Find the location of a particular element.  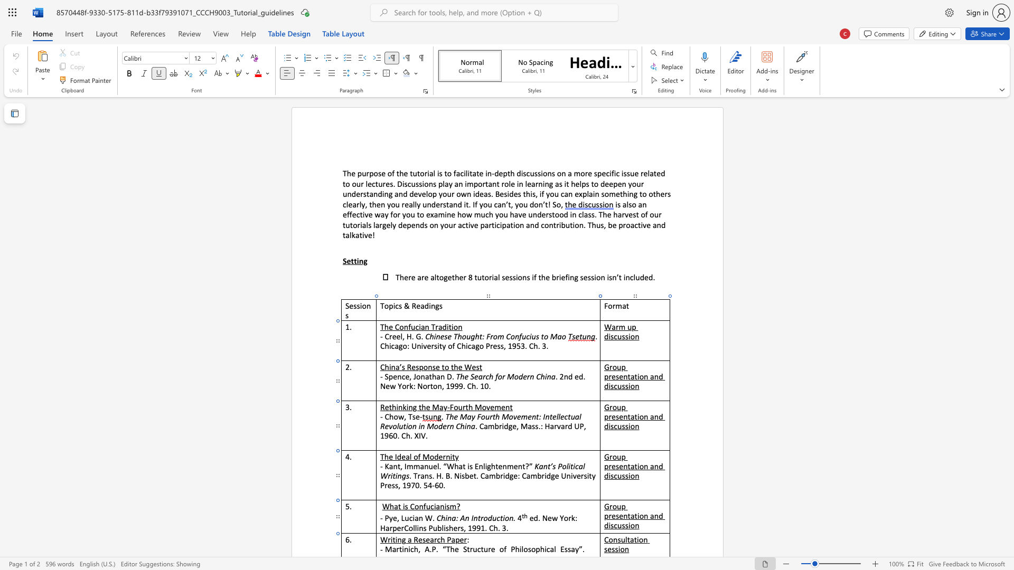

the 1th character "h" in the text is located at coordinates (451, 528).